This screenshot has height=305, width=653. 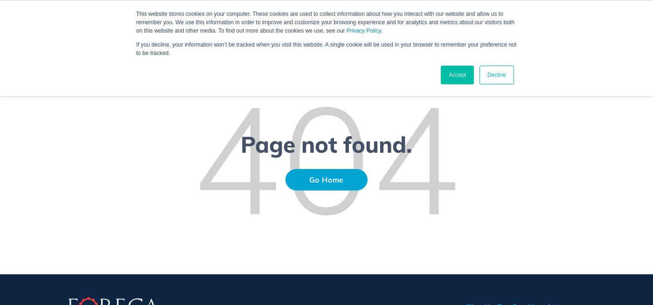 I want to click on 'About us', so click(x=479, y=26).